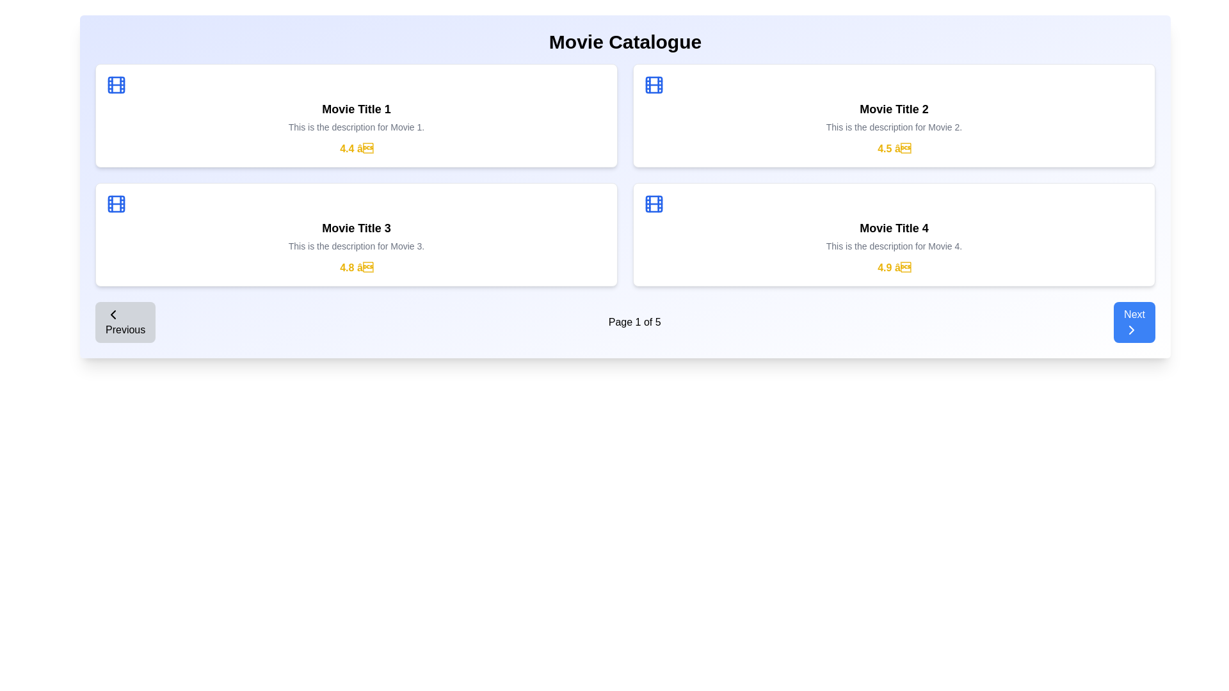 This screenshot has height=691, width=1229. Describe the element at coordinates (654, 203) in the screenshot. I see `the blue filmstrip icon associated with 'Movie Title 4', located in the upper-left corner of the movie card` at that location.